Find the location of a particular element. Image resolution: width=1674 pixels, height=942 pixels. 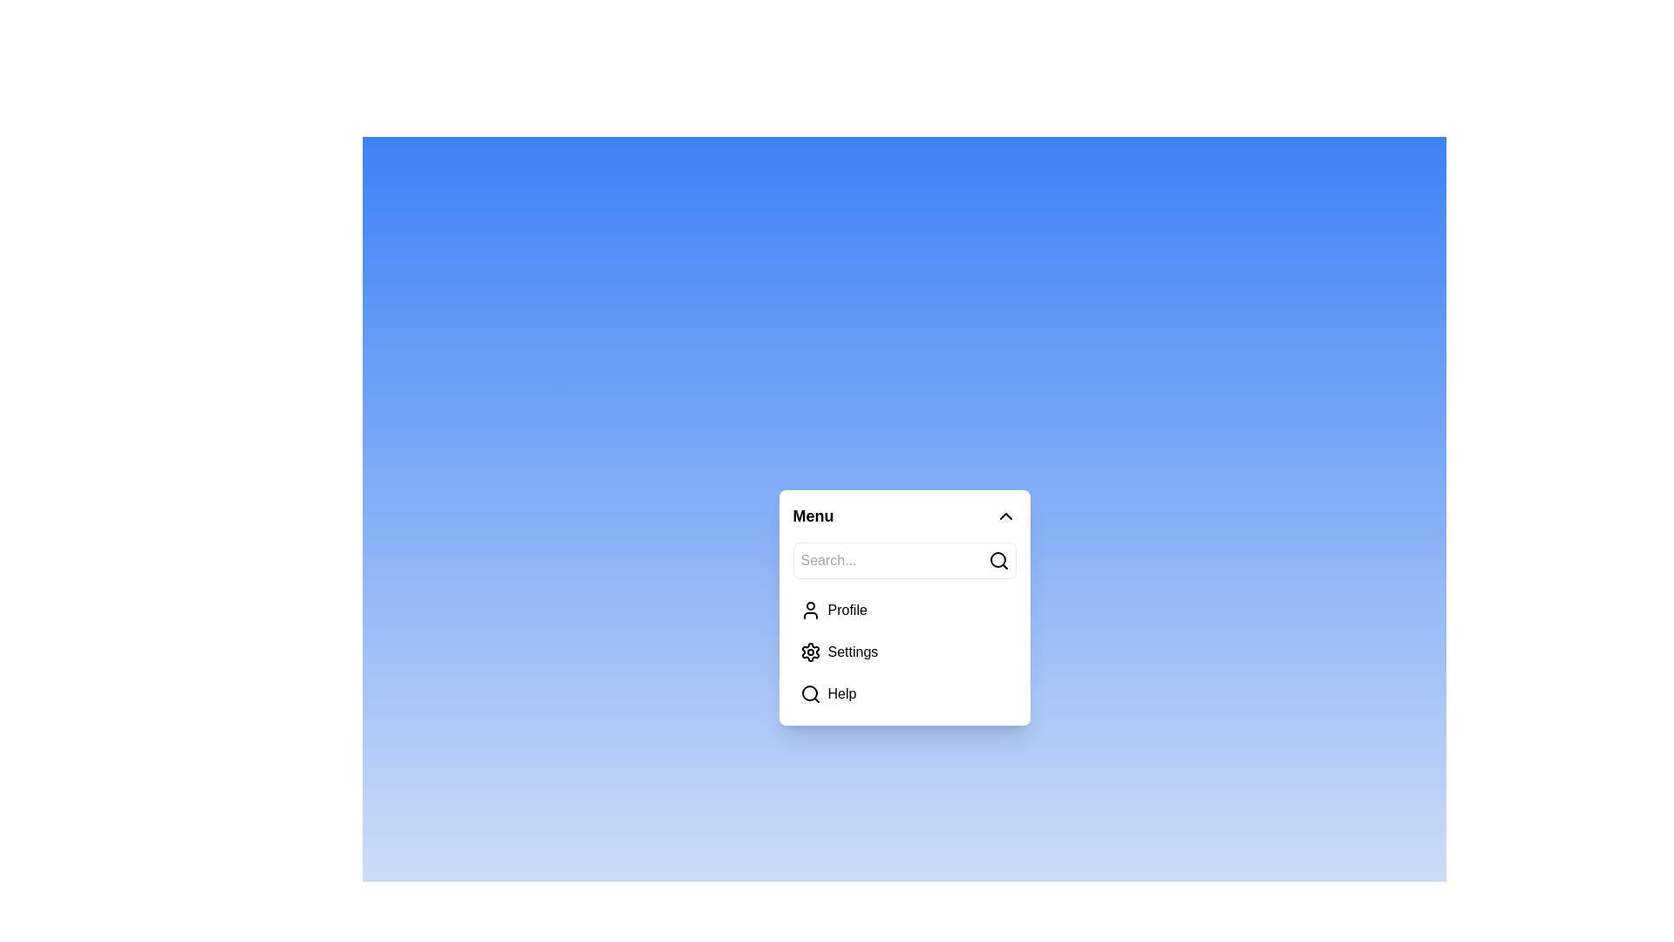

the menu item corresponding to Profile is located at coordinates (809, 609).